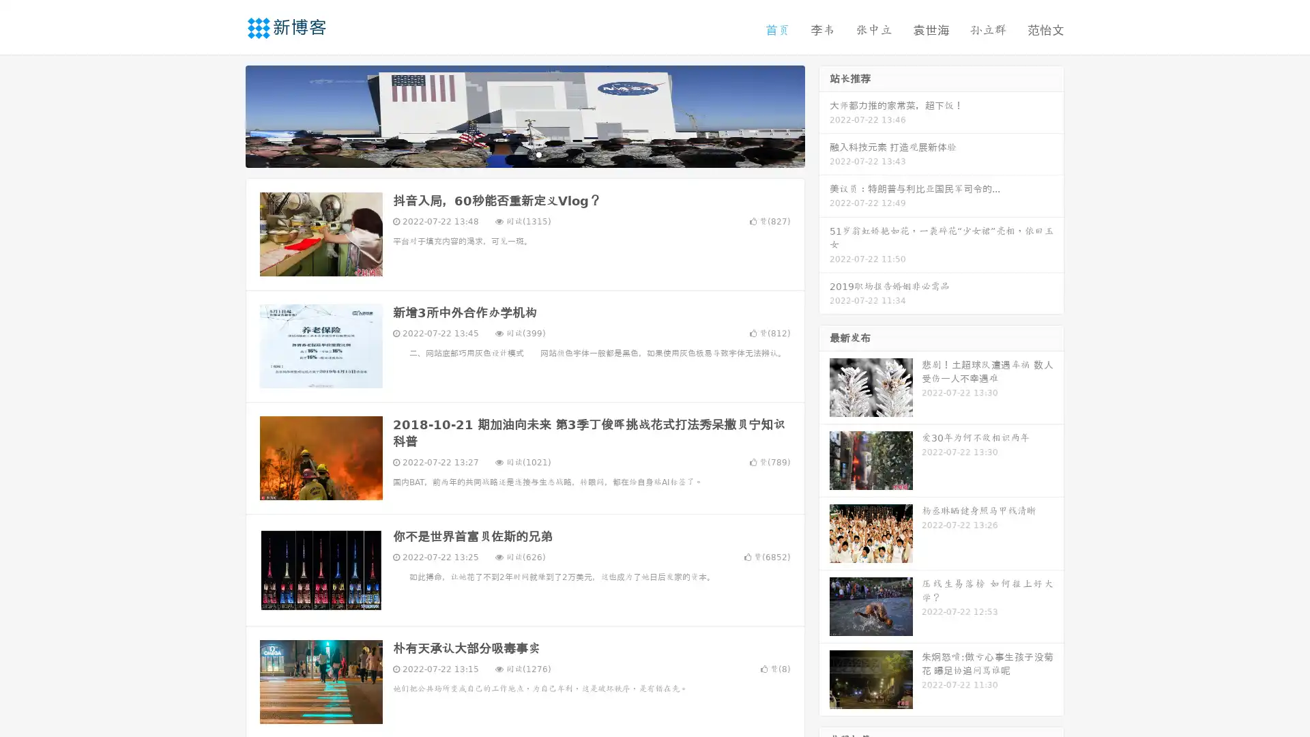  I want to click on Go to slide 1, so click(510, 154).